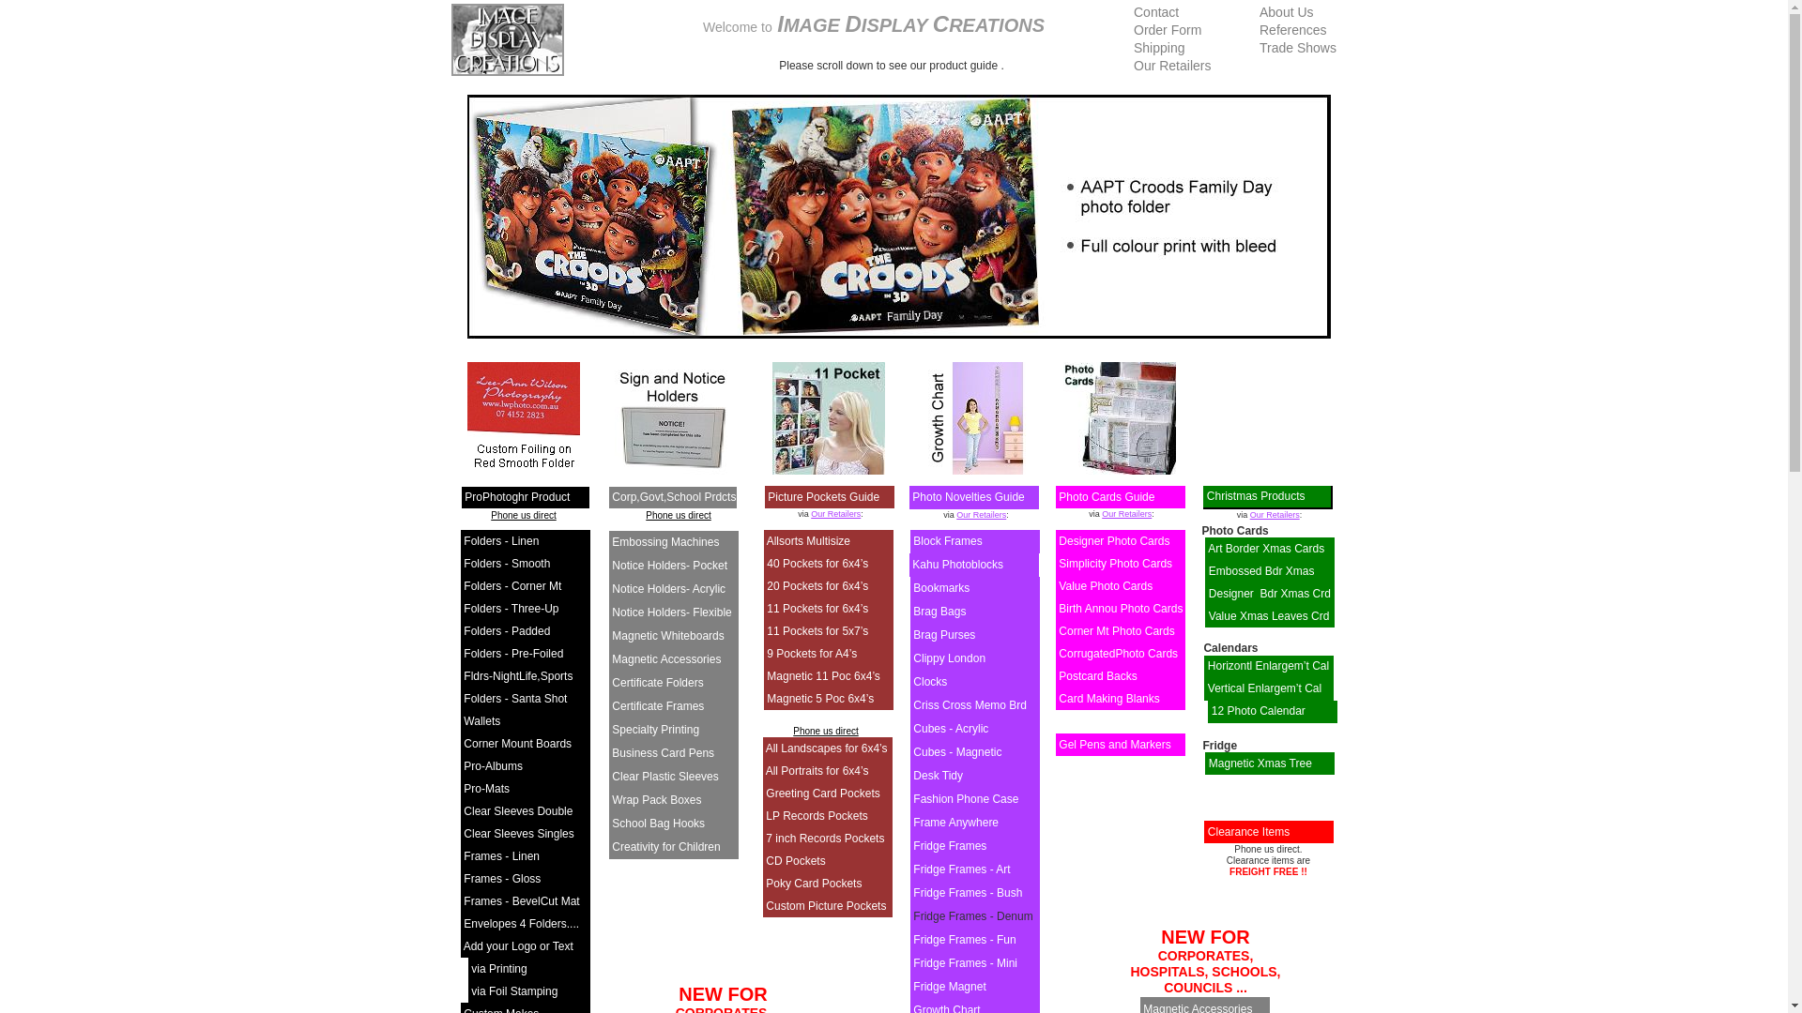 The width and height of the screenshot is (1802, 1013). What do you see at coordinates (506, 563) in the screenshot?
I see `'Folders - Smooth'` at bounding box center [506, 563].